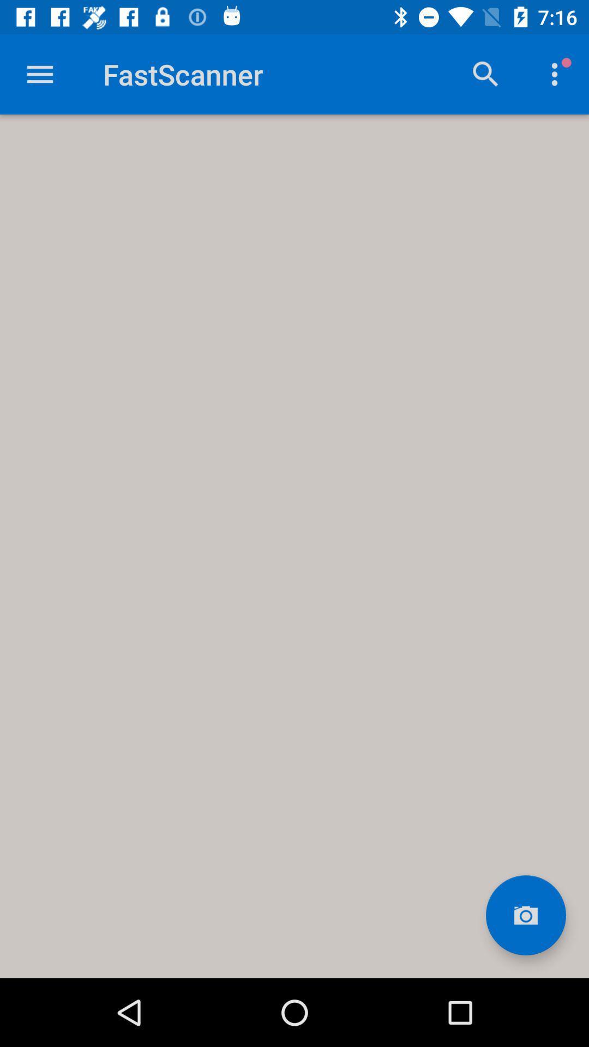 The image size is (589, 1047). I want to click on menu, so click(39, 74).